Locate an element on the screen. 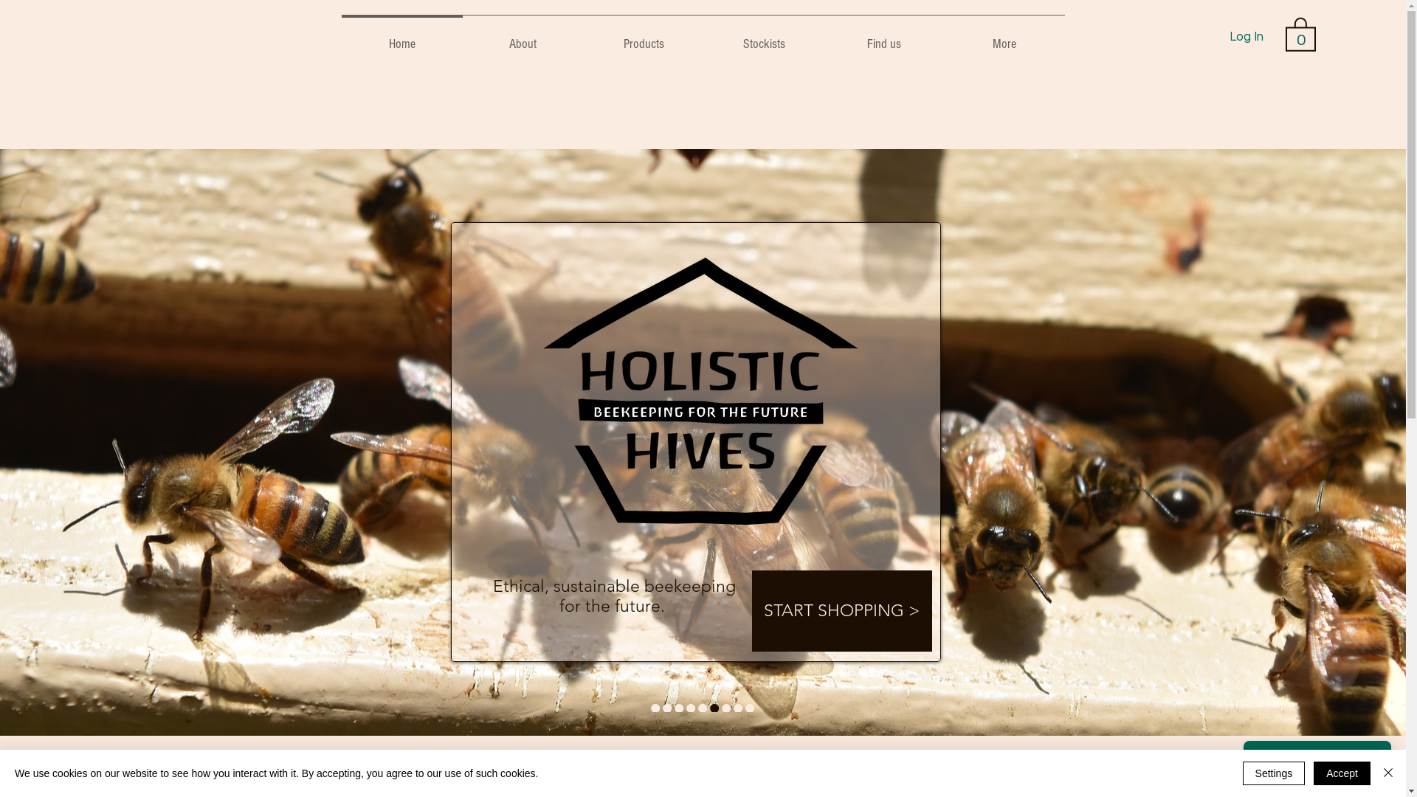  'Stockists' is located at coordinates (764, 36).